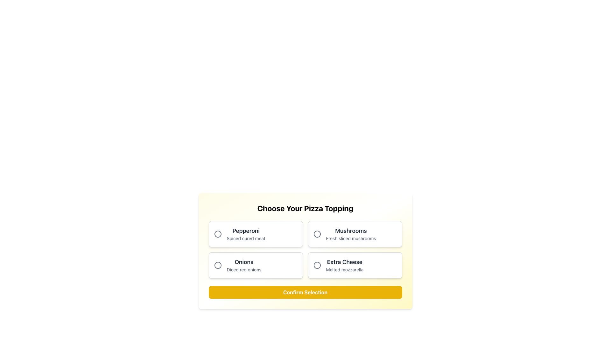 This screenshot has height=344, width=611. What do you see at coordinates (305, 208) in the screenshot?
I see `header text element that says 'Choose Your Pizza Topping', which is prominently styled in bold and large font at the top of the card-like section` at bounding box center [305, 208].